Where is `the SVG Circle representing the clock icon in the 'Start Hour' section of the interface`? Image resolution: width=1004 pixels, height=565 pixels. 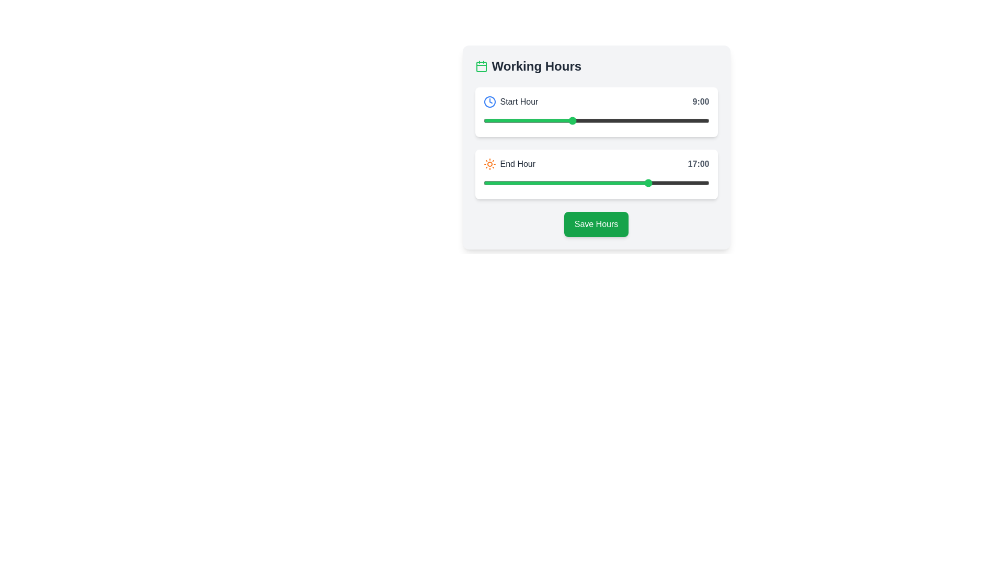 the SVG Circle representing the clock icon in the 'Start Hour' section of the interface is located at coordinates (489, 102).